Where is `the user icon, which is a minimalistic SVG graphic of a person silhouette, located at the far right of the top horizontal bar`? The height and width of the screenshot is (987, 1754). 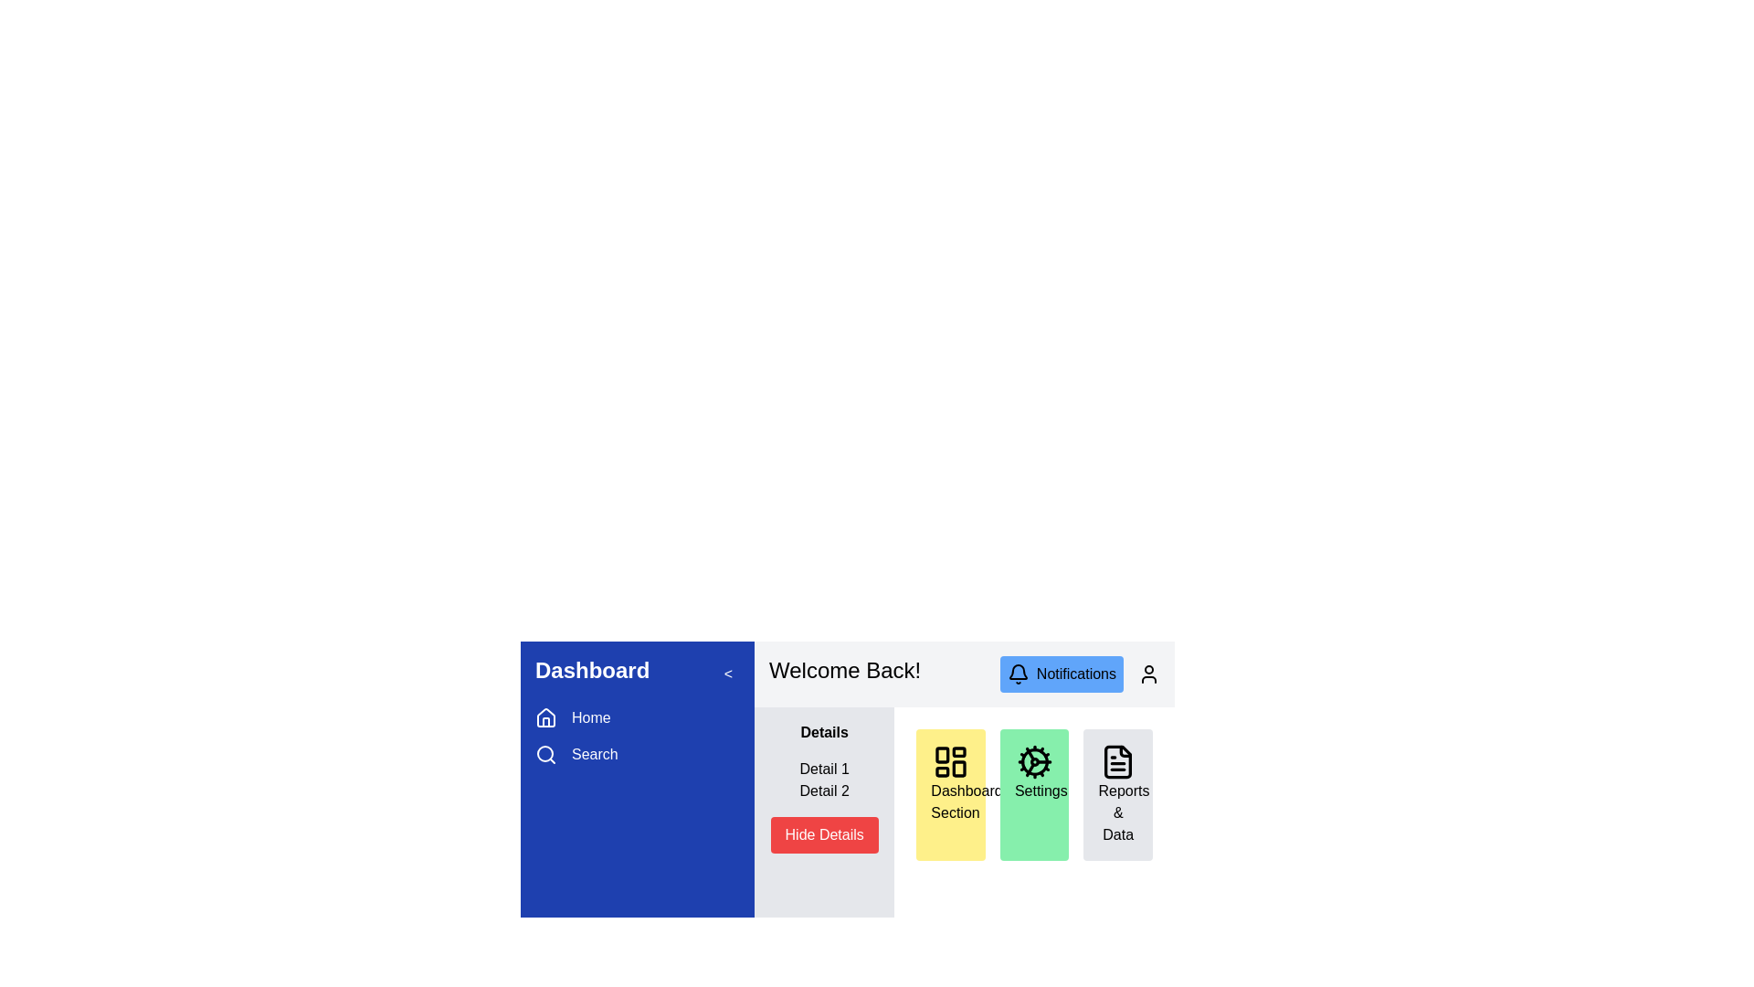
the user icon, which is a minimalistic SVG graphic of a person silhouette, located at the far right of the top horizontal bar is located at coordinates (1147, 674).